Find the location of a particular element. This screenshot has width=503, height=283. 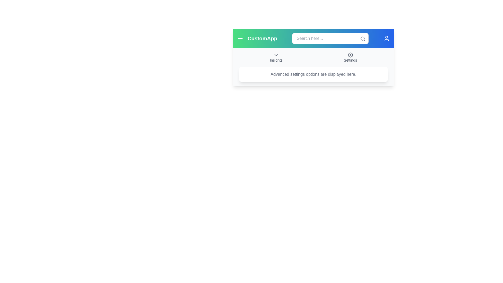

the leftmost button in the navigation header is located at coordinates (240, 38).